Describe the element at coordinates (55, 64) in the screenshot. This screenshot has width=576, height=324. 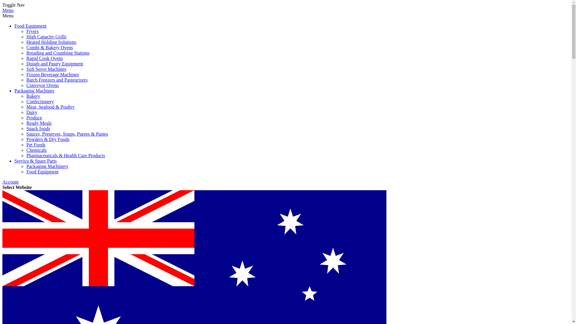
I see `'Dough and Pastry Equipment'` at that location.